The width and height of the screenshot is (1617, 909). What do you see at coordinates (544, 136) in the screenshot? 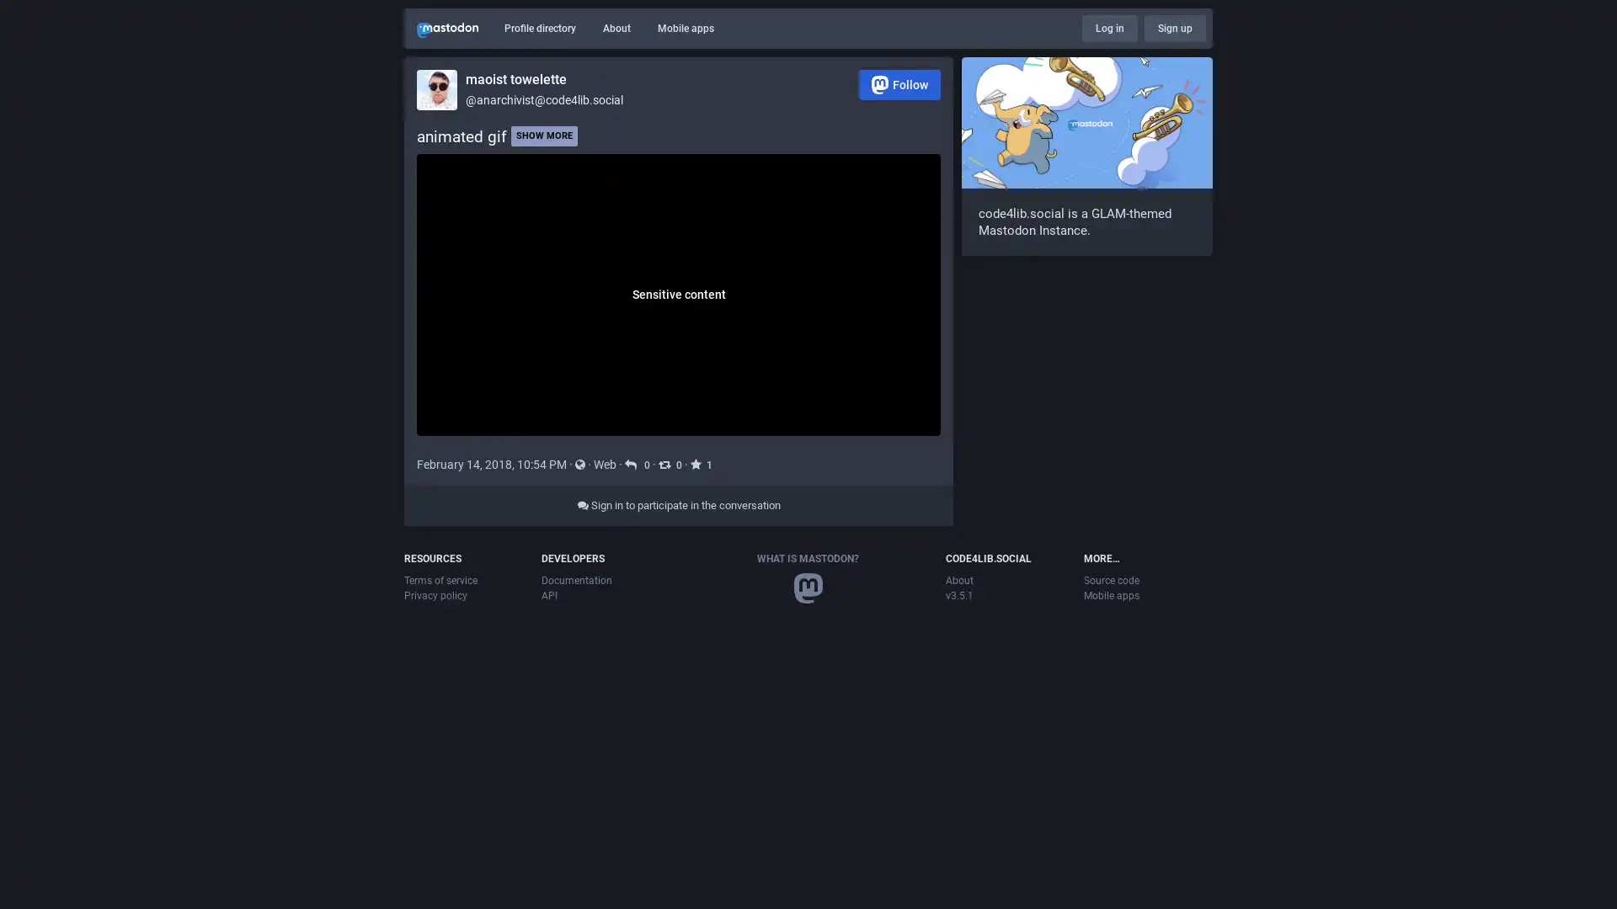
I see `SHOW MORE` at bounding box center [544, 136].